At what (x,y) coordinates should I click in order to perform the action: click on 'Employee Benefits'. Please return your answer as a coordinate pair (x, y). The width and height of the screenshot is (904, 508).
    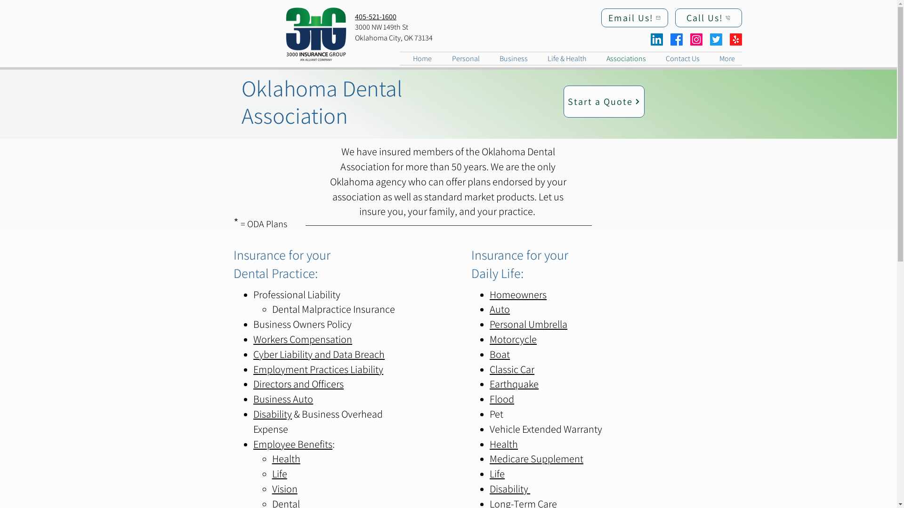
    Looking at the image, I should click on (253, 444).